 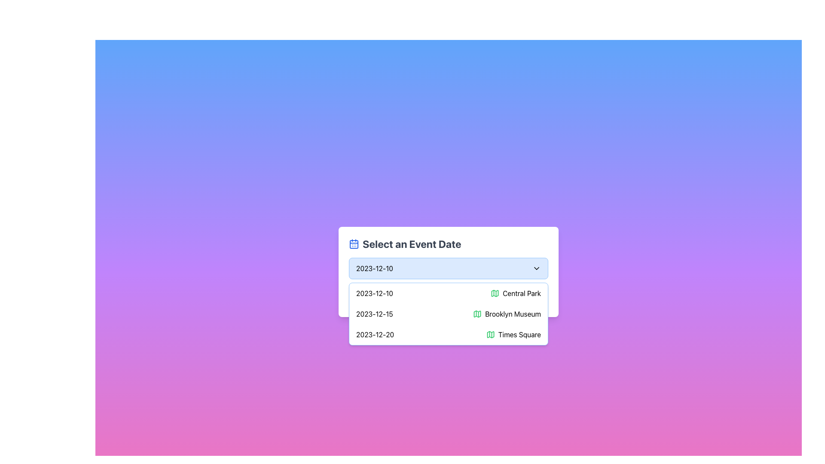 I want to click on the 'Confirm Selection' button with a gradient background to observe its scaling effect, so click(x=448, y=298).